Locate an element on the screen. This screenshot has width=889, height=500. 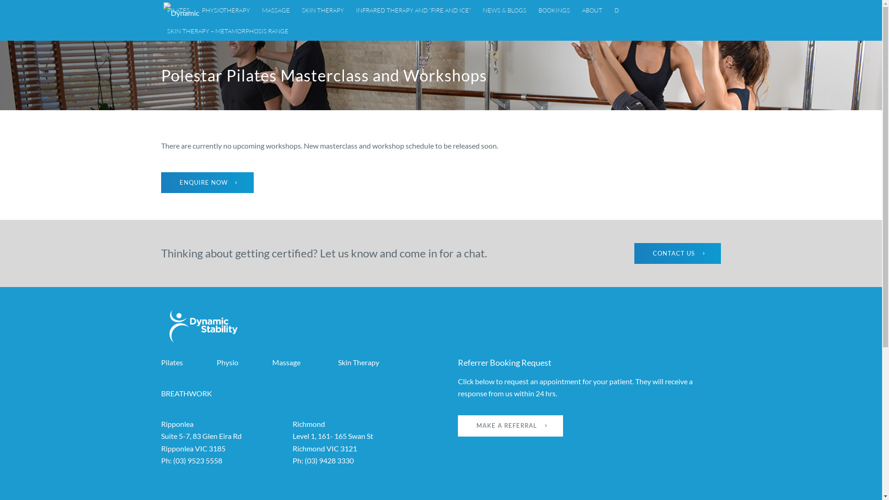
'dynamic-stability-logo-reversed' is located at coordinates (169, 326).